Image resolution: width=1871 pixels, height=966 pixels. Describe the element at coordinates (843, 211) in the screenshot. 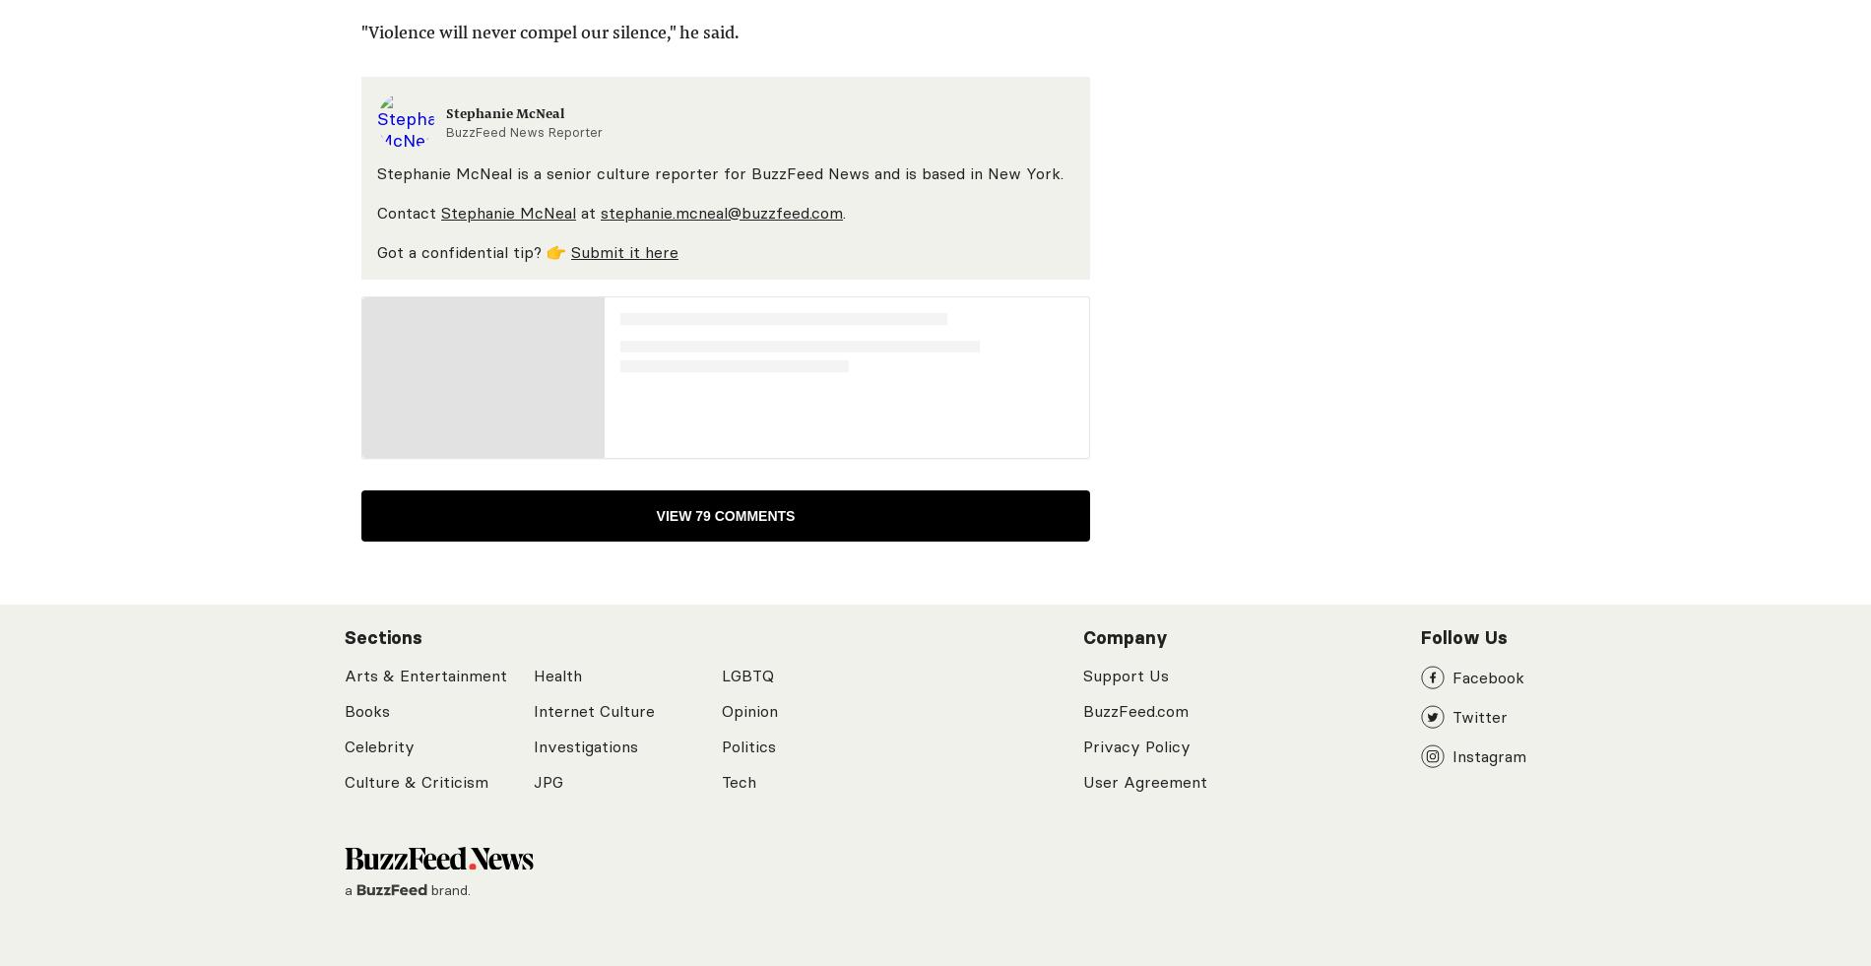

I see `'.'` at that location.